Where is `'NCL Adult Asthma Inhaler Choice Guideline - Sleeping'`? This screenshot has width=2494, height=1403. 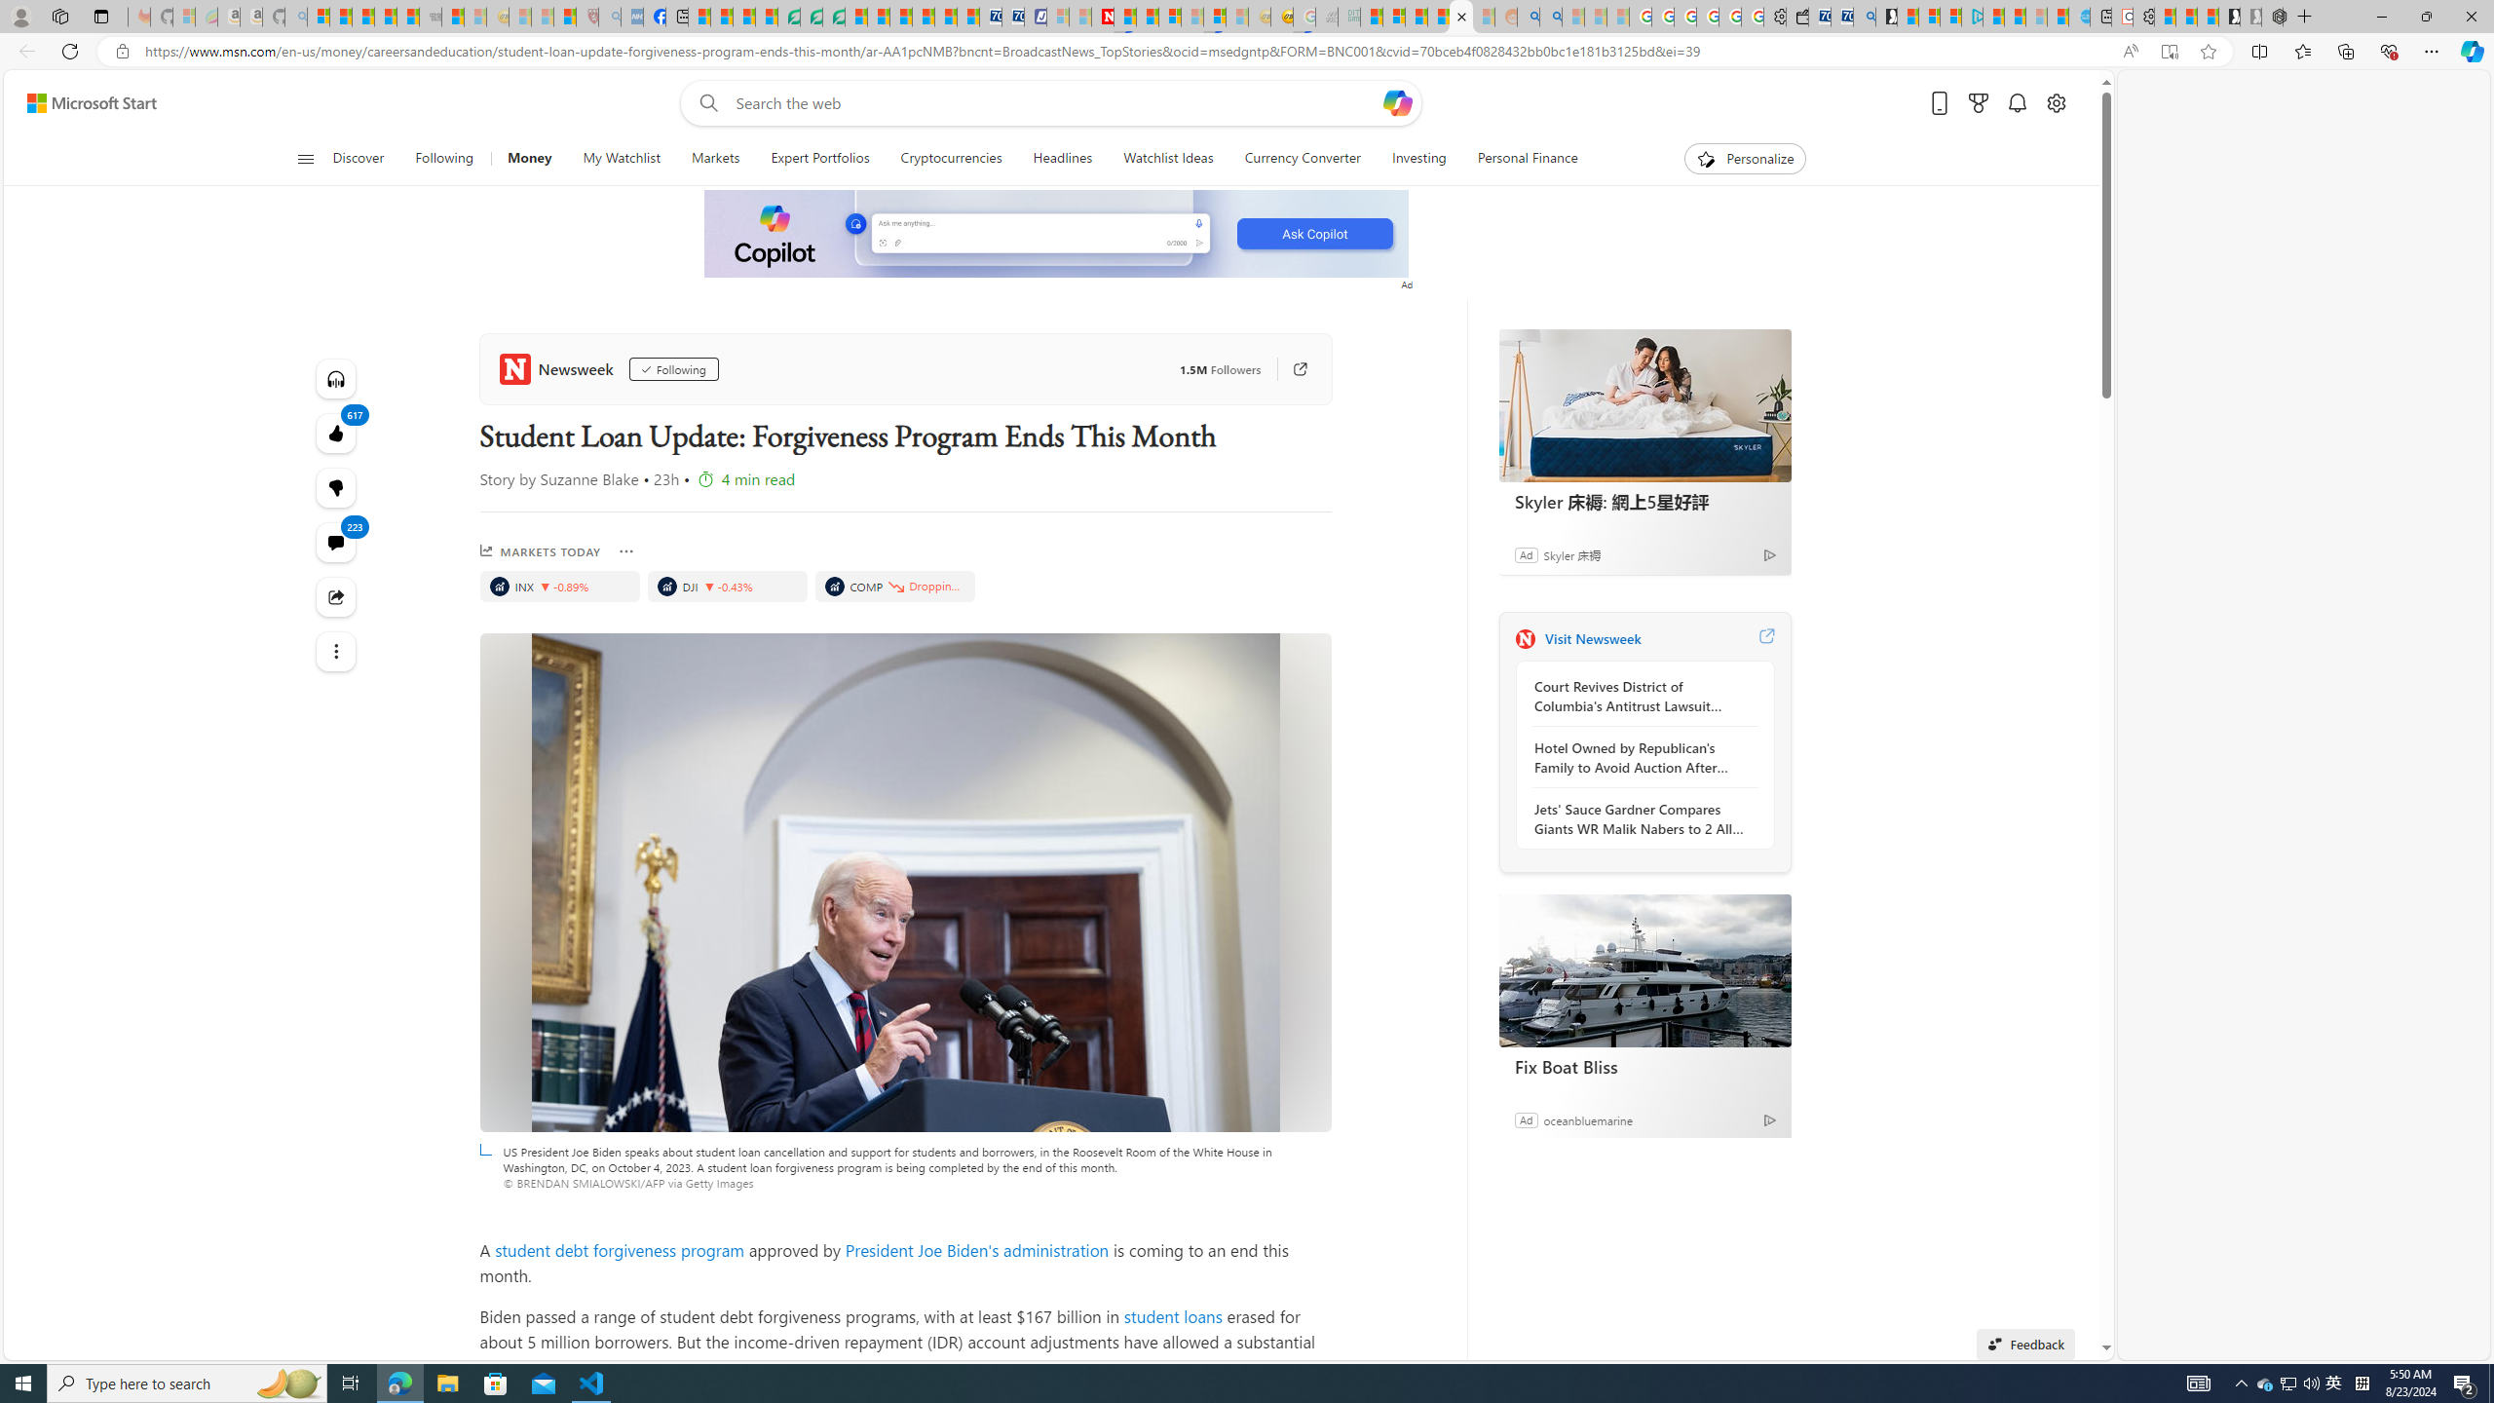 'NCL Adult Asthma Inhaler Choice Guideline - Sleeping' is located at coordinates (631, 16).